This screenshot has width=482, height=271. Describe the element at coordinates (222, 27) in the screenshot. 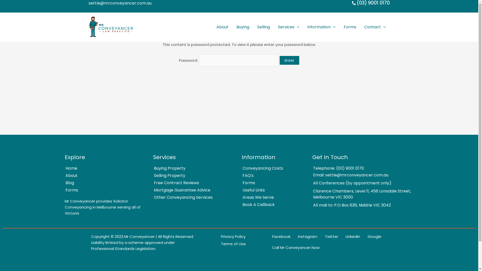

I see `'About'` at that location.